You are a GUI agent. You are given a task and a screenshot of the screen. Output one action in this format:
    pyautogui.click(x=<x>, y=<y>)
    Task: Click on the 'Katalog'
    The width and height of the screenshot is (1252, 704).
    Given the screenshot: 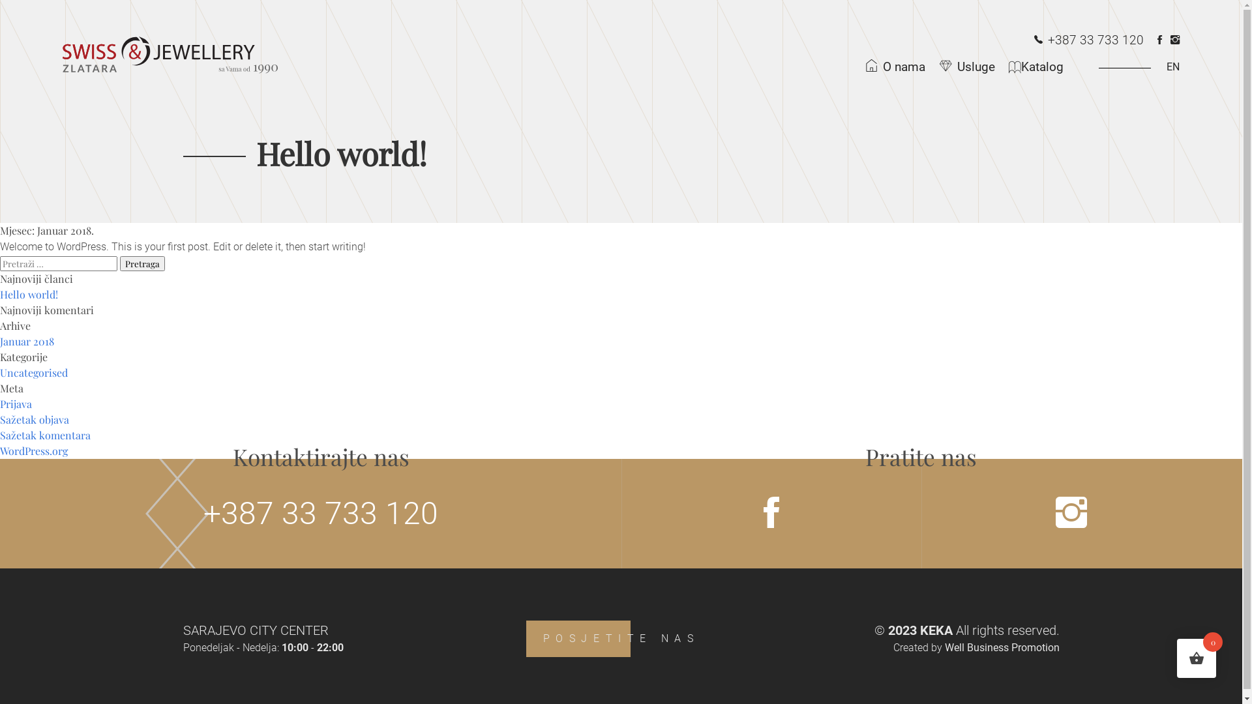 What is the action you would take?
    pyautogui.click(x=1041, y=67)
    